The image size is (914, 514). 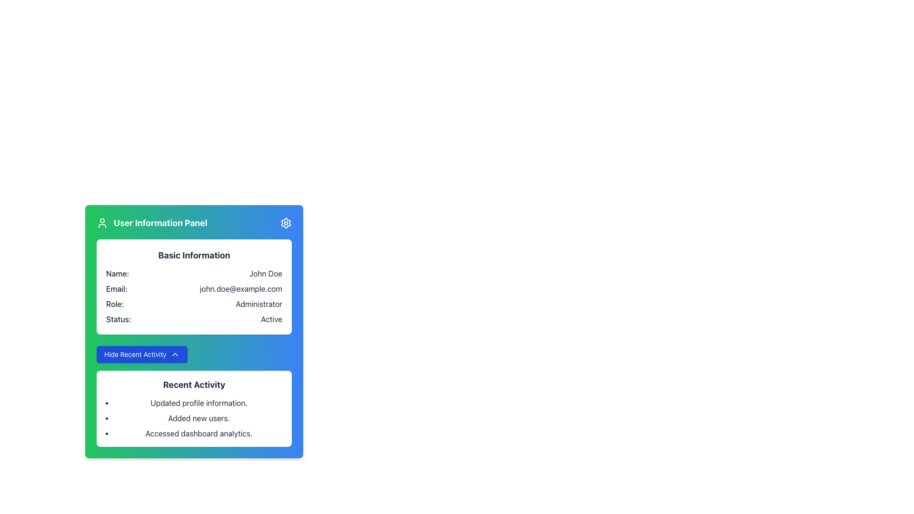 I want to click on the 'Recent Activity' text label element, which is styled in bold black font and positioned at the top of a section listing activities, so click(x=194, y=385).